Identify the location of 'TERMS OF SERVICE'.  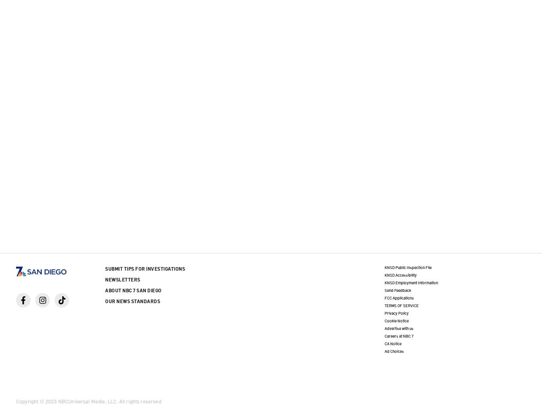
(401, 305).